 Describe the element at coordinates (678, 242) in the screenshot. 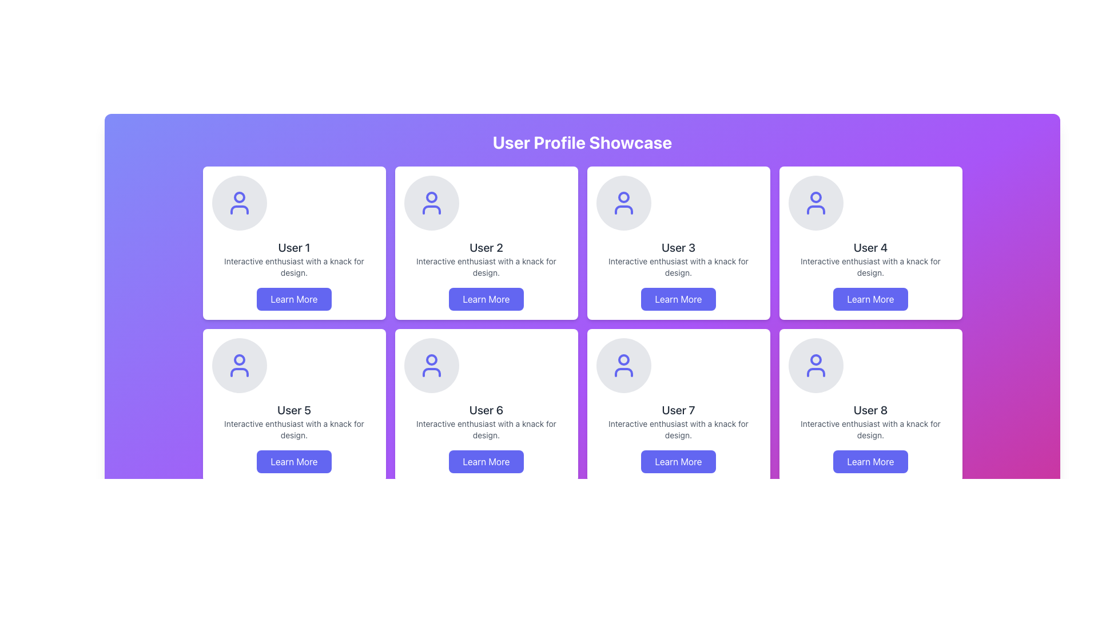

I see `the text area of the user profile card` at that location.